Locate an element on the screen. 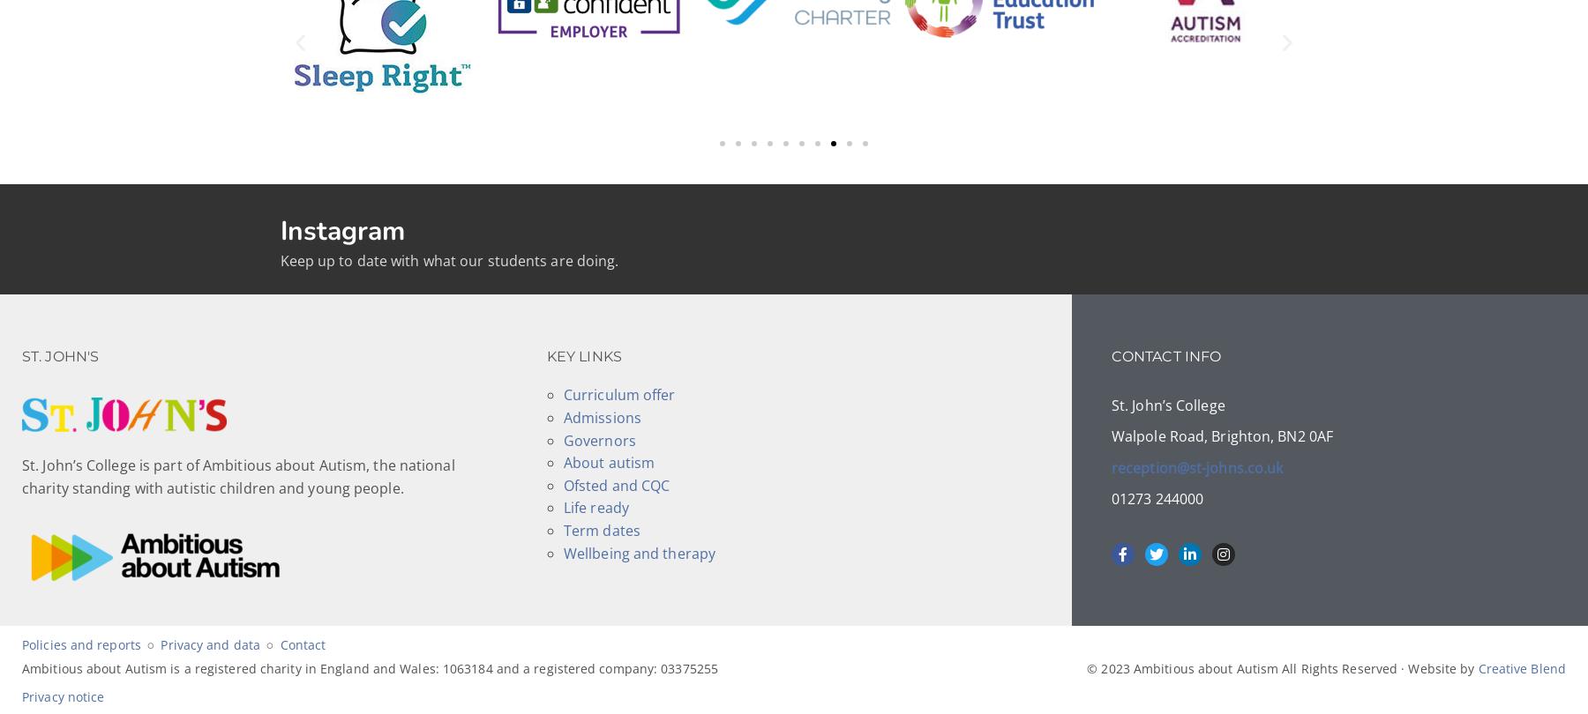  'Privacy notice' is located at coordinates (62, 695).